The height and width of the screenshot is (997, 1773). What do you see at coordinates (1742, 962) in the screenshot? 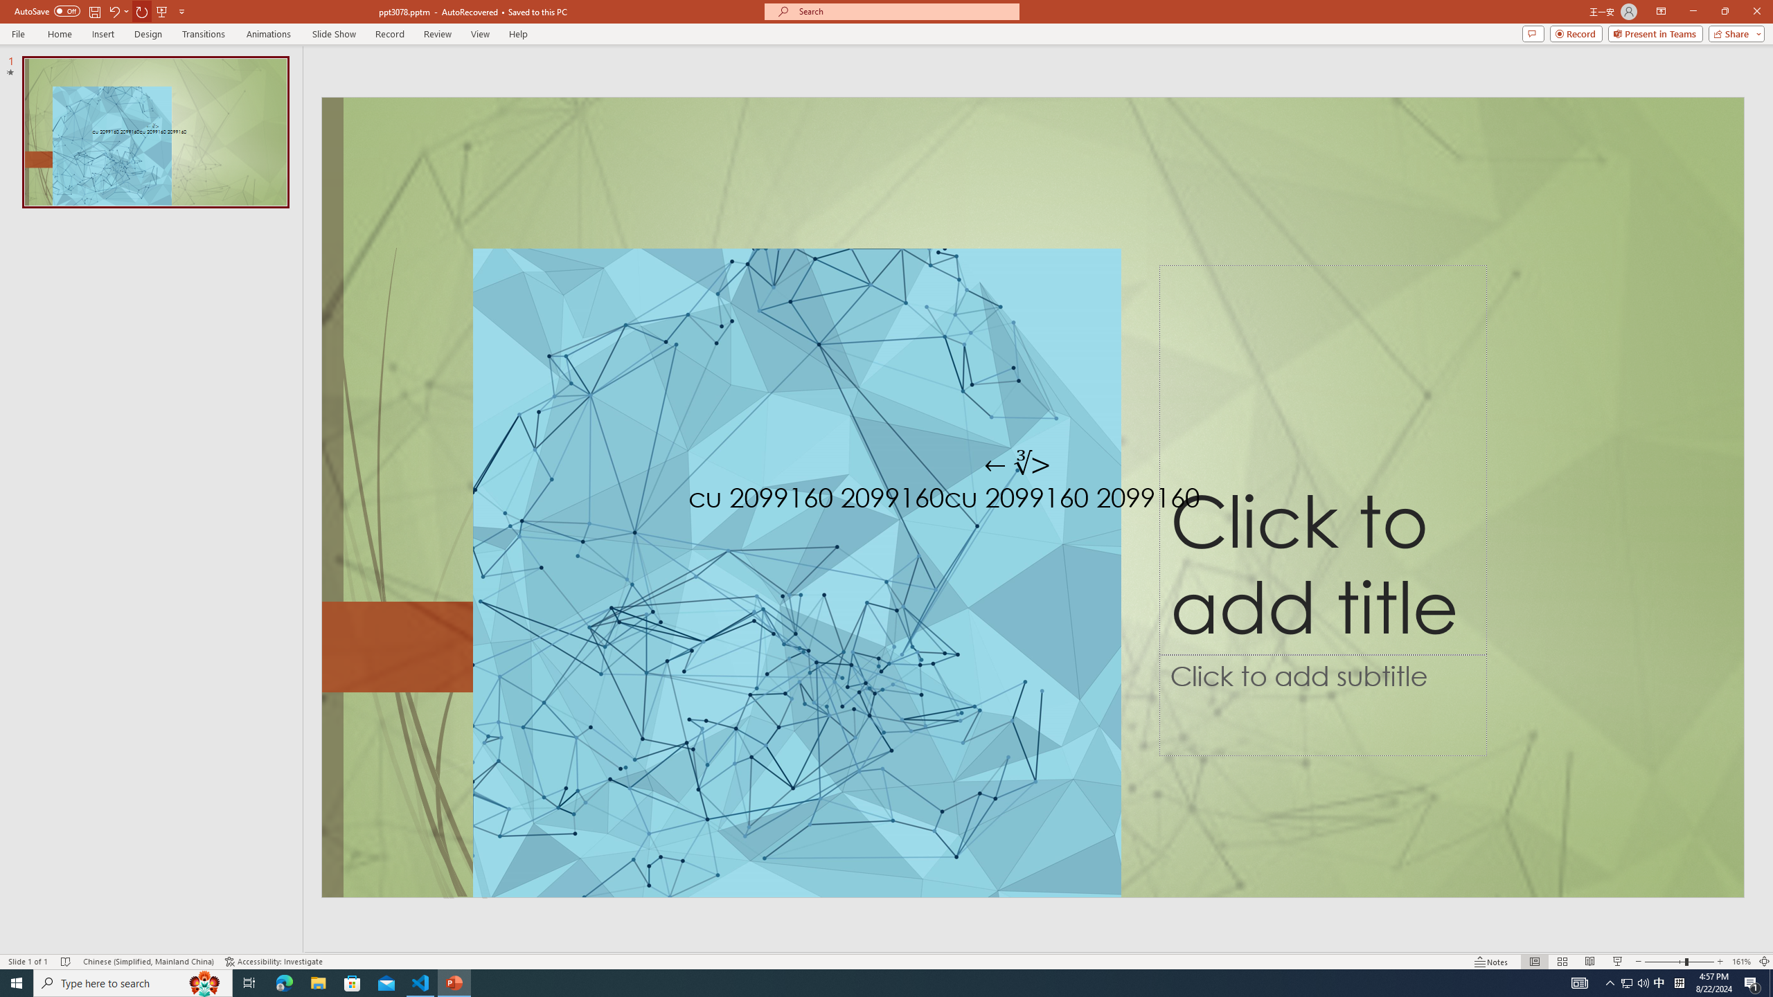
I see `'Zoom 161%'` at bounding box center [1742, 962].